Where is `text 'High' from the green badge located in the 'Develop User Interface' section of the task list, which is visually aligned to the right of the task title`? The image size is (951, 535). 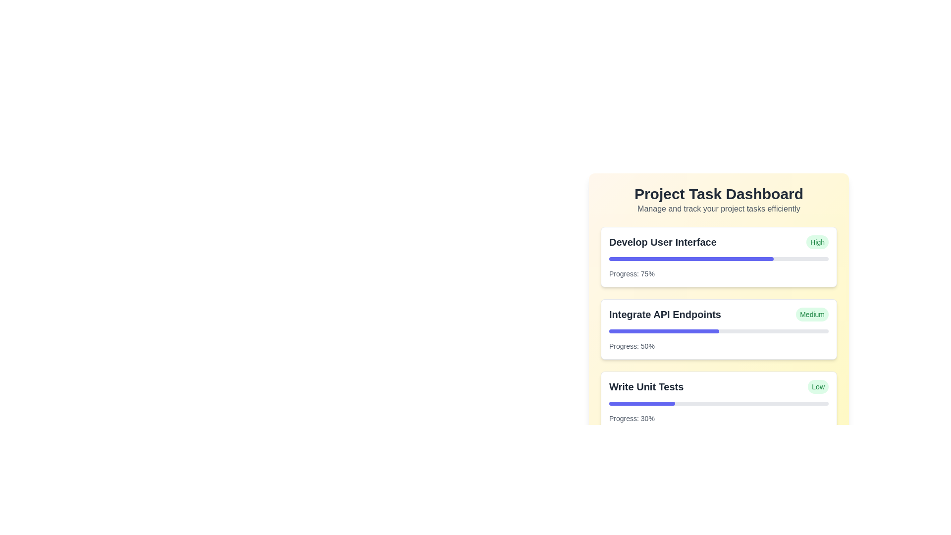
text 'High' from the green badge located in the 'Develop User Interface' section of the task list, which is visually aligned to the right of the task title is located at coordinates (817, 242).